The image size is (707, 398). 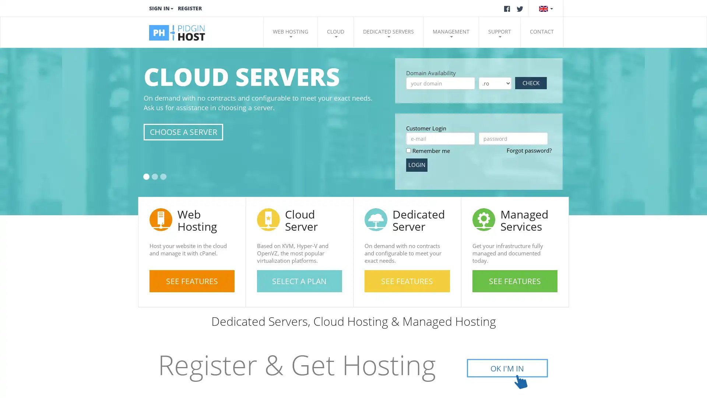 I want to click on LOGIN, so click(x=416, y=164).